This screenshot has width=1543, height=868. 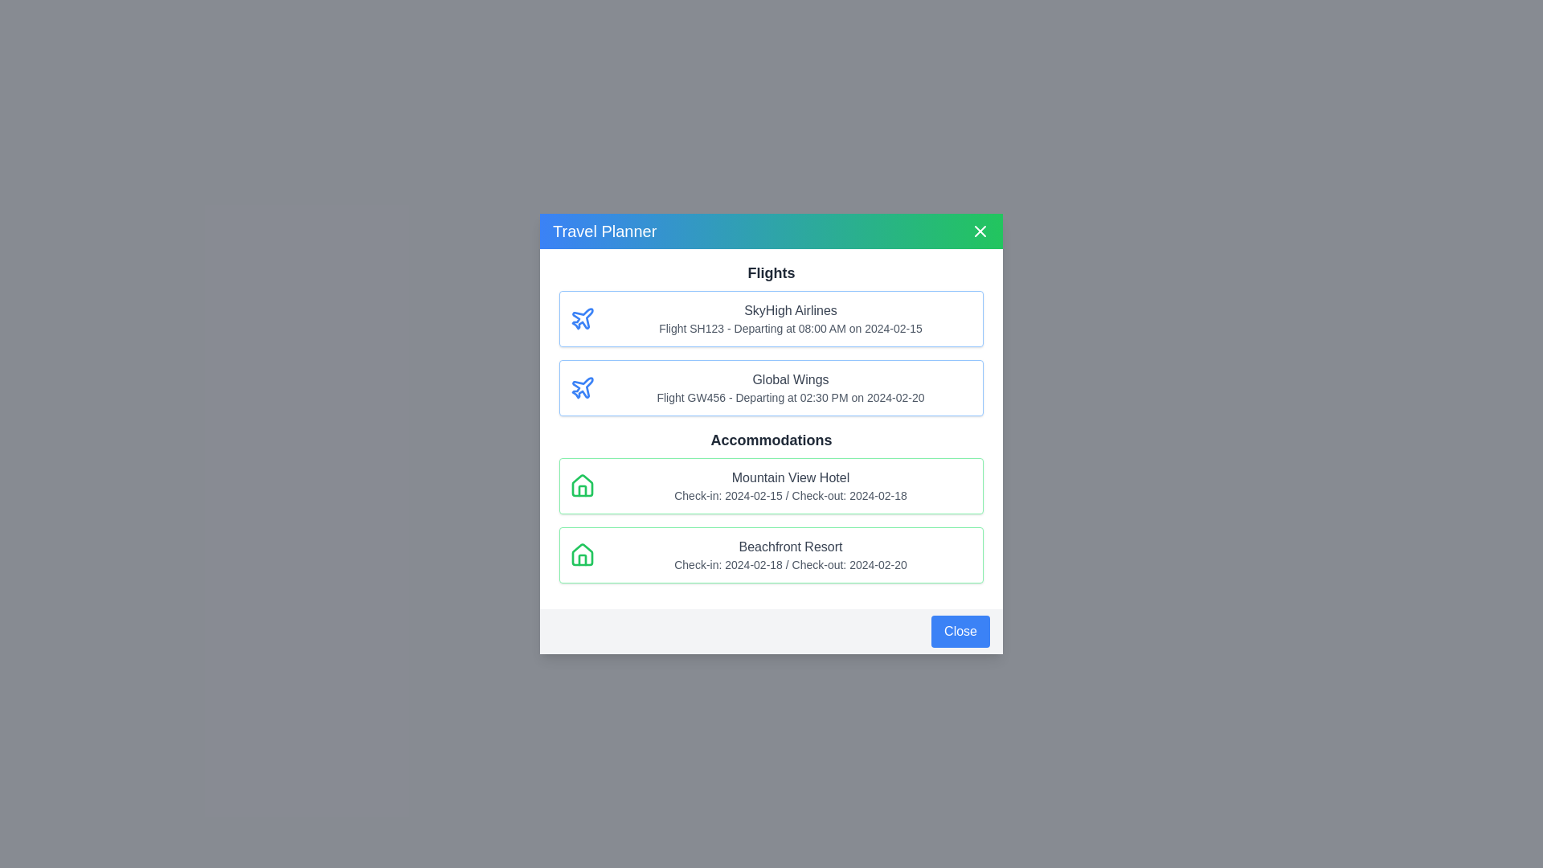 I want to click on the flight icon representing 'Global WingsFlight GW456 - Departing at 02:30 PM on 2024-02-20' located on the left within the second item of the 'Flights' section, so click(x=581, y=387).